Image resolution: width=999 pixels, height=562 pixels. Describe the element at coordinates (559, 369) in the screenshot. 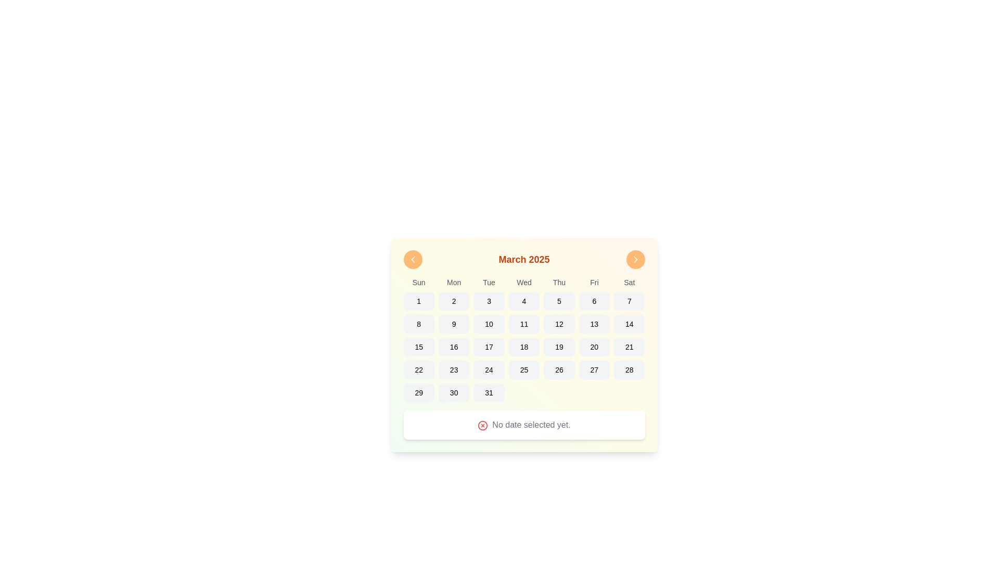

I see `the calendar button representing the 26th day of the month` at that location.